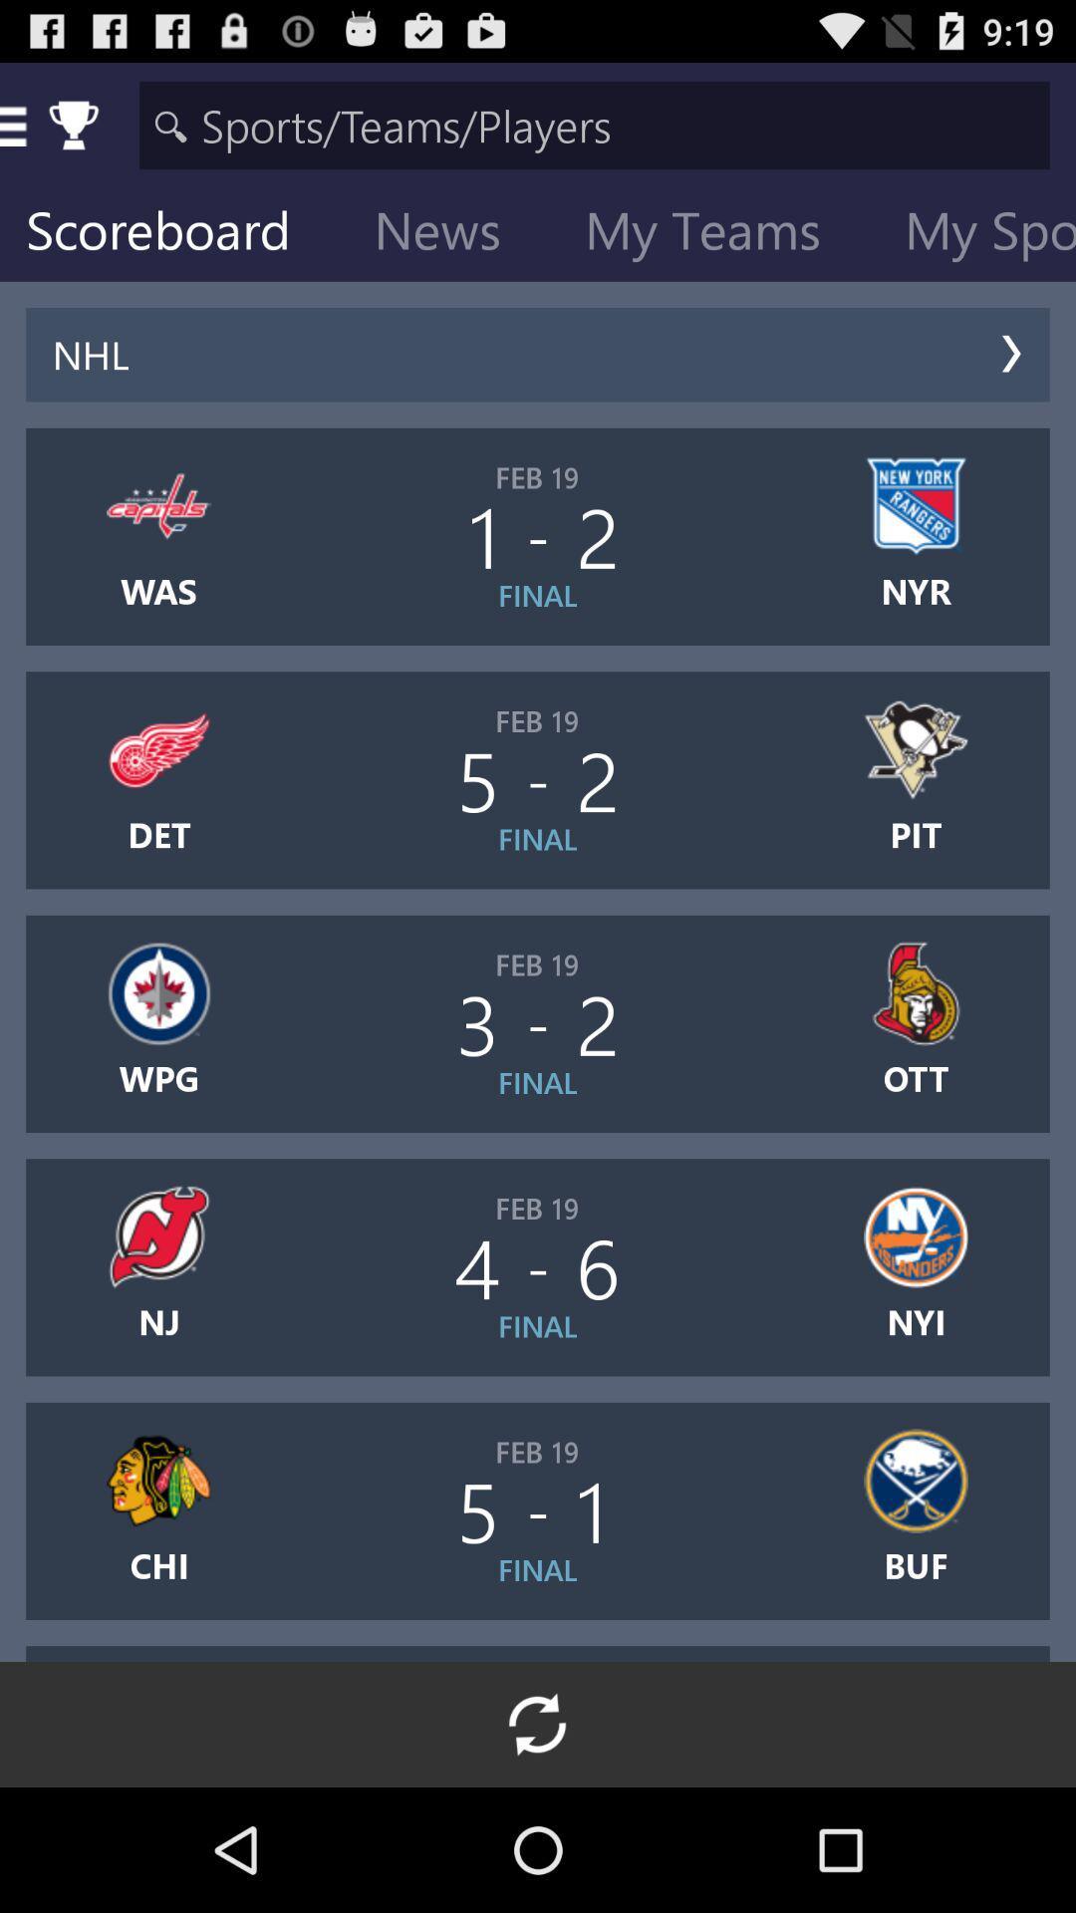 This screenshot has width=1076, height=1913. I want to click on item to the right of scoreboard item, so click(453, 234).